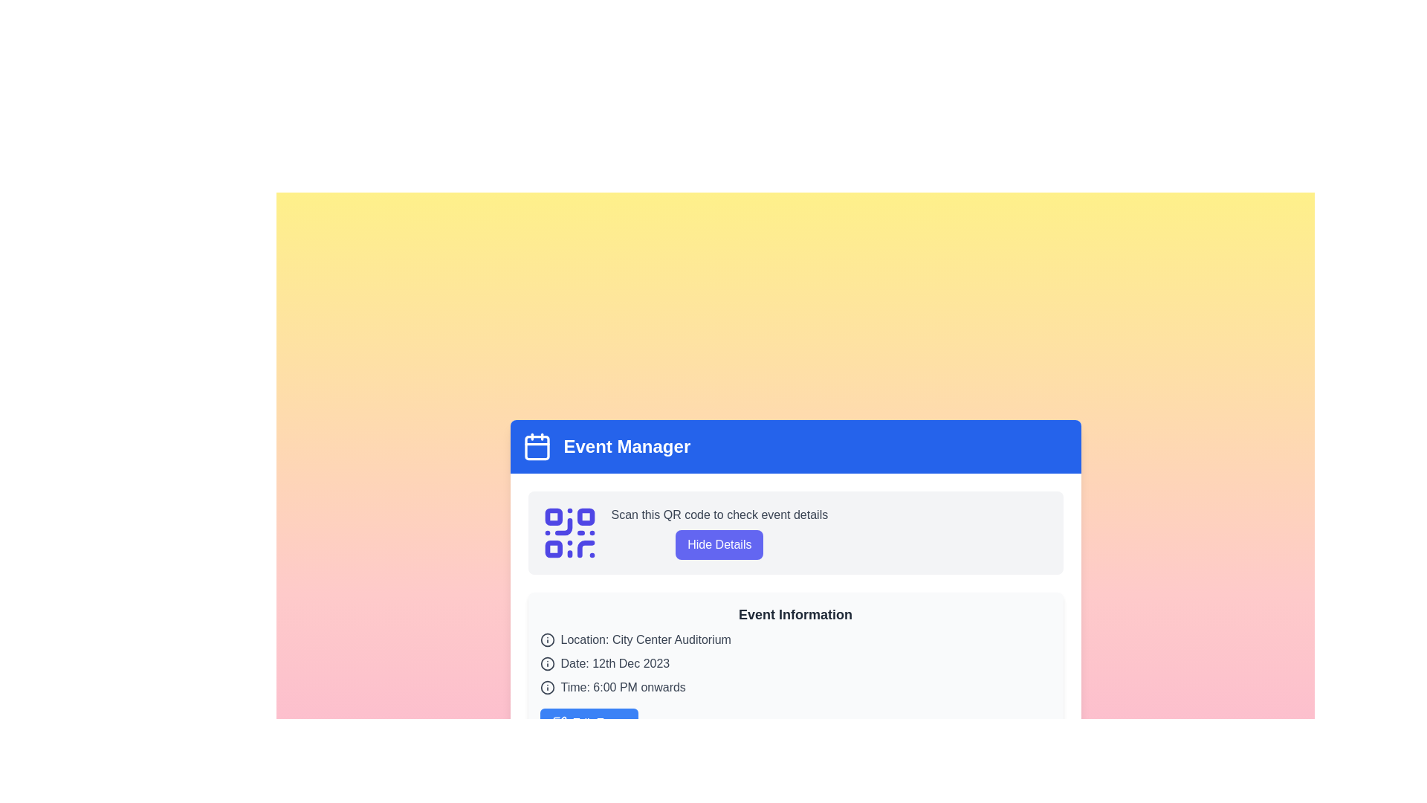 This screenshot has height=803, width=1427. I want to click on the circular SVG icon element that is part of an icon or graphical symbol, located at the top-left corner of a list of event details, so click(546, 639).